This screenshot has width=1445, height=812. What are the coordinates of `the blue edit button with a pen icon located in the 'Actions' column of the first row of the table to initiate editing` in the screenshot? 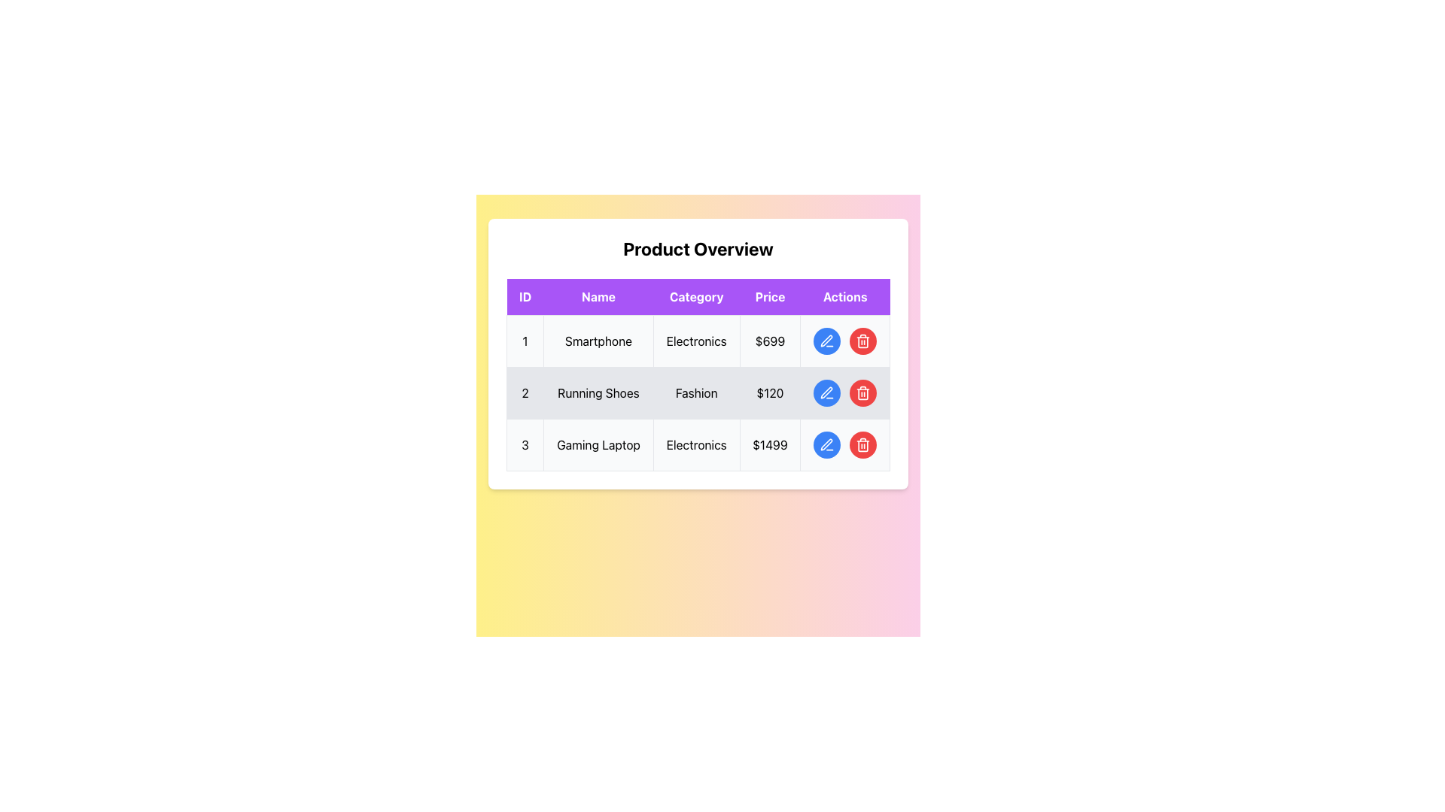 It's located at (845, 341).